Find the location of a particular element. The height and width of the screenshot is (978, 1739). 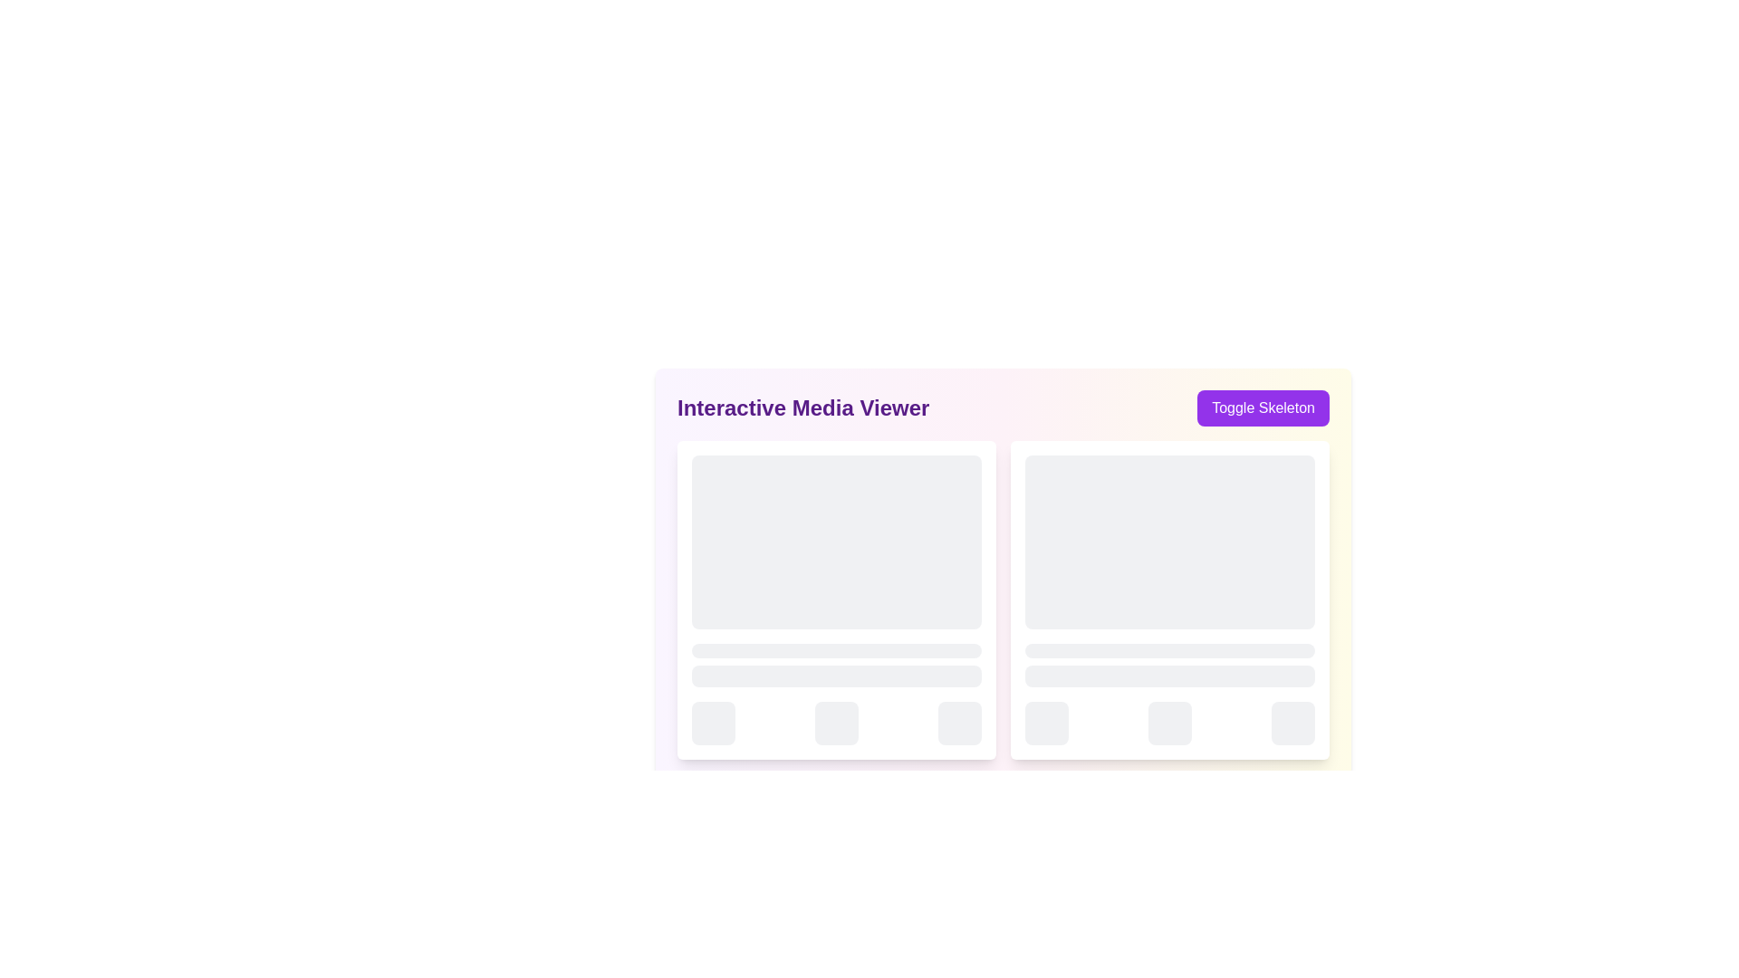

the middle button in the horizontal row of three buttons, which has a light gray background and rounded corners is located at coordinates (1169, 722).